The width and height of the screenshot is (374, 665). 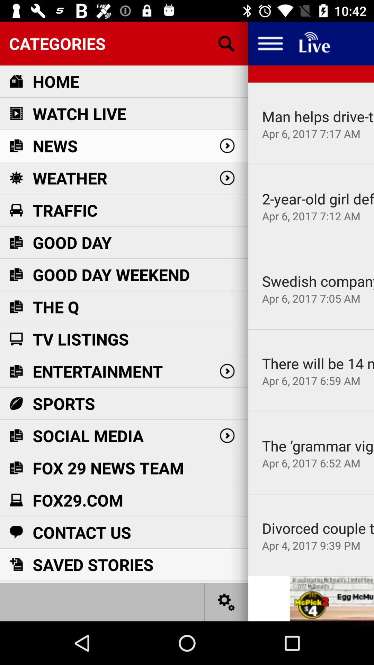 I want to click on the advertised site, so click(x=331, y=598).